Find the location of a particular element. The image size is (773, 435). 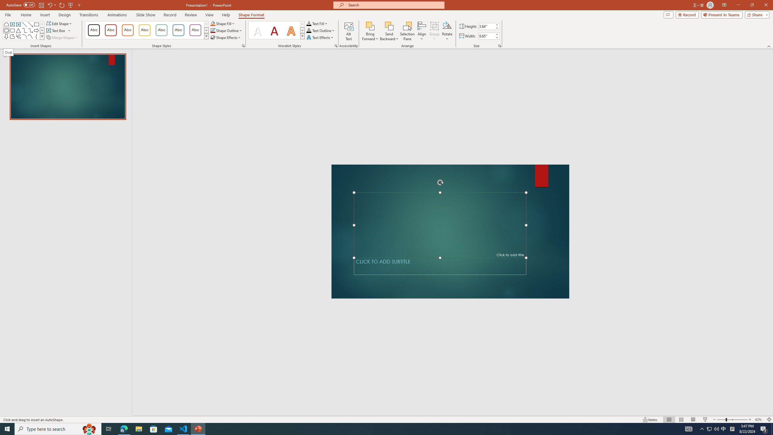

'Colored Outline - Green, Accent 4' is located at coordinates (161, 30).